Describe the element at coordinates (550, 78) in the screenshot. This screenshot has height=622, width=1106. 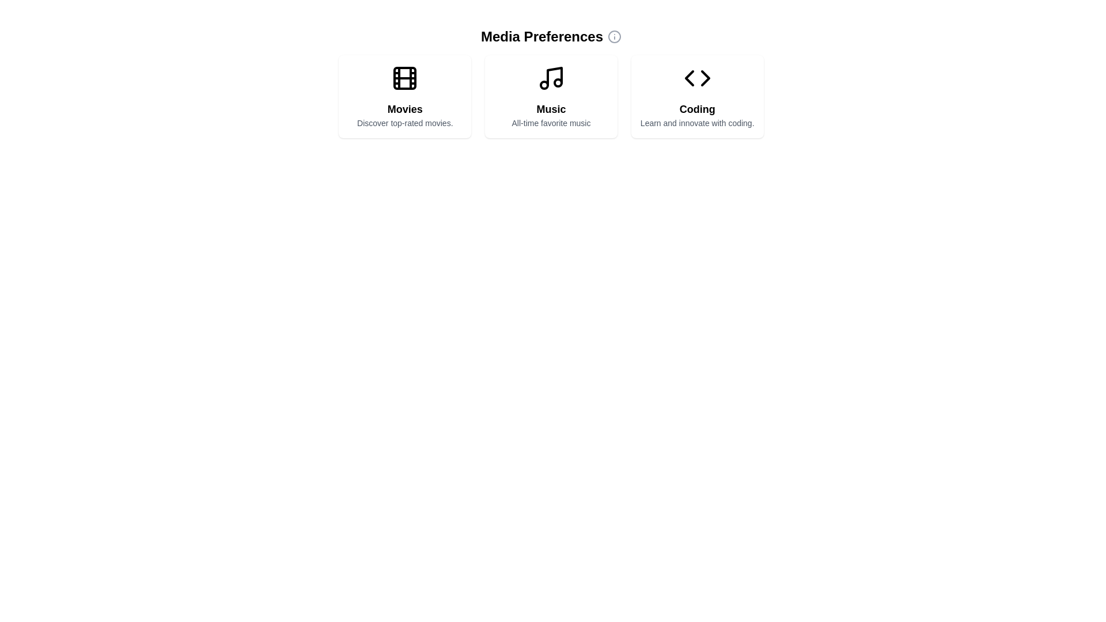
I see `the music icon represented by a pair of eighth notes, located in the center card under 'Media Preferences'` at that location.